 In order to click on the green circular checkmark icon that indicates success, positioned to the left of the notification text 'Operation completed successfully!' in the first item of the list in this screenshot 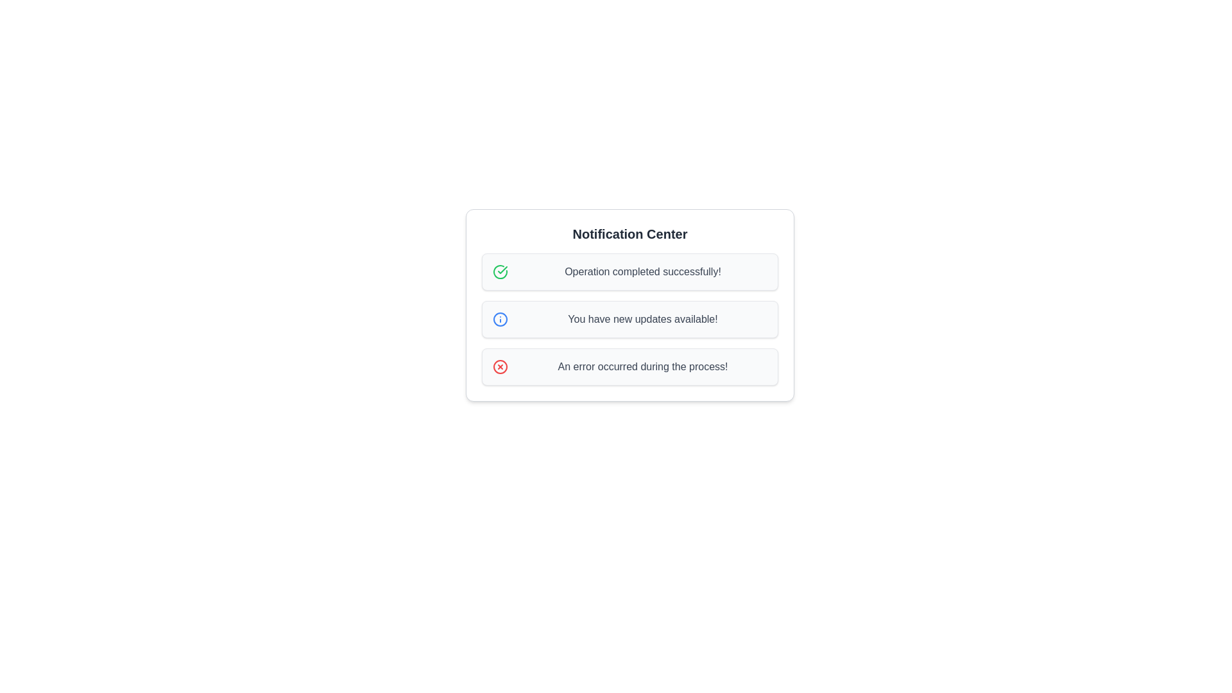, I will do `click(499, 271)`.